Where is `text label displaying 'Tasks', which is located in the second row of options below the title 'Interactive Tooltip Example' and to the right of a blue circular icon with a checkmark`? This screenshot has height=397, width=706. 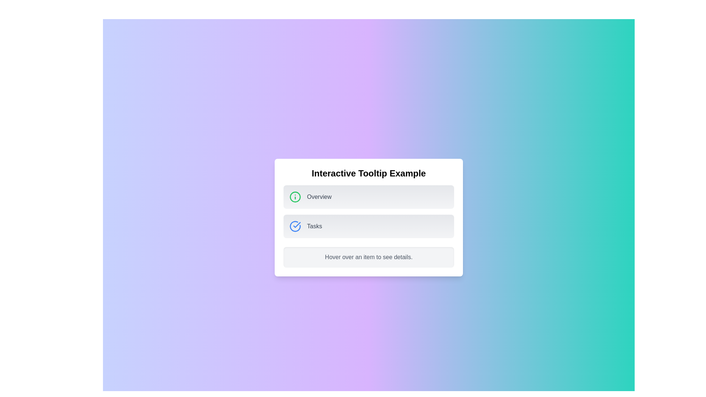 text label displaying 'Tasks', which is located in the second row of options below the title 'Interactive Tooltip Example' and to the right of a blue circular icon with a checkmark is located at coordinates (314, 226).